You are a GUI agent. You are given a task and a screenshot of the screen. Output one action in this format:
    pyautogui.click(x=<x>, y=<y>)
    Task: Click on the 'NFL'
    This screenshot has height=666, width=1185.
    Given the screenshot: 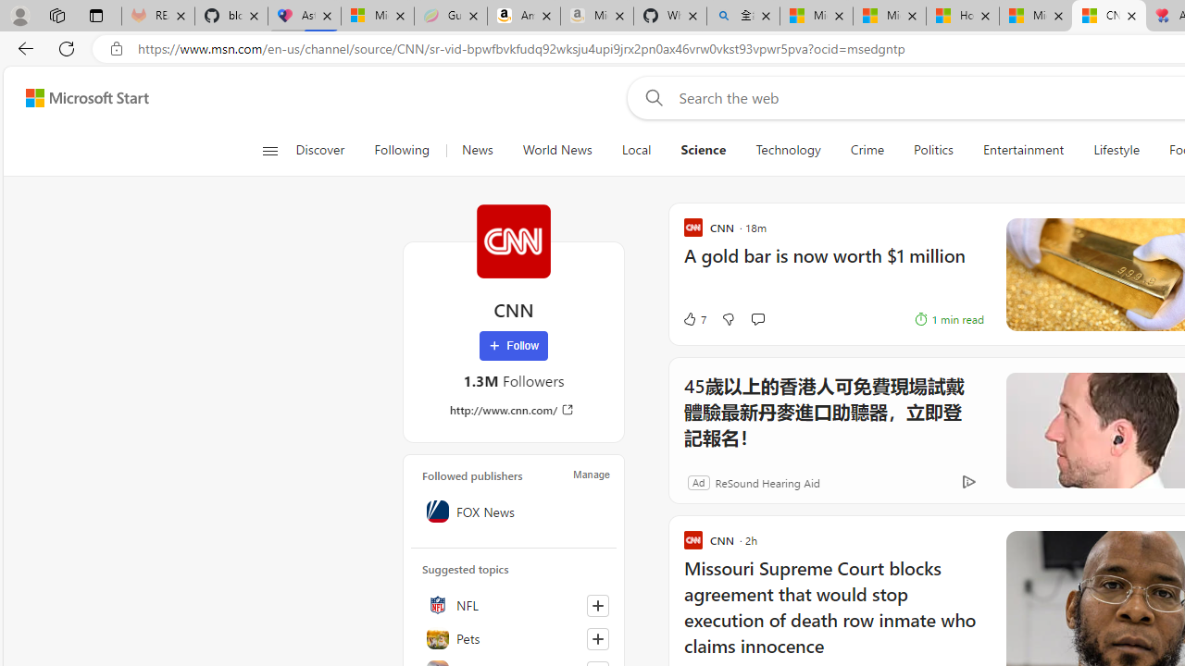 What is the action you would take?
    pyautogui.click(x=514, y=605)
    